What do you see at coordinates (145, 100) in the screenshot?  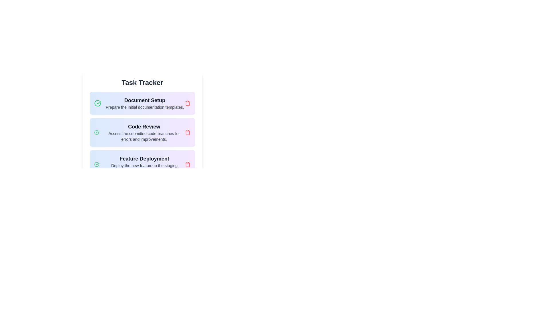 I see `text label 'Document Setup' which is the first item in the vertical task list, rendered in bold and large font within a light purple rectangular area` at bounding box center [145, 100].